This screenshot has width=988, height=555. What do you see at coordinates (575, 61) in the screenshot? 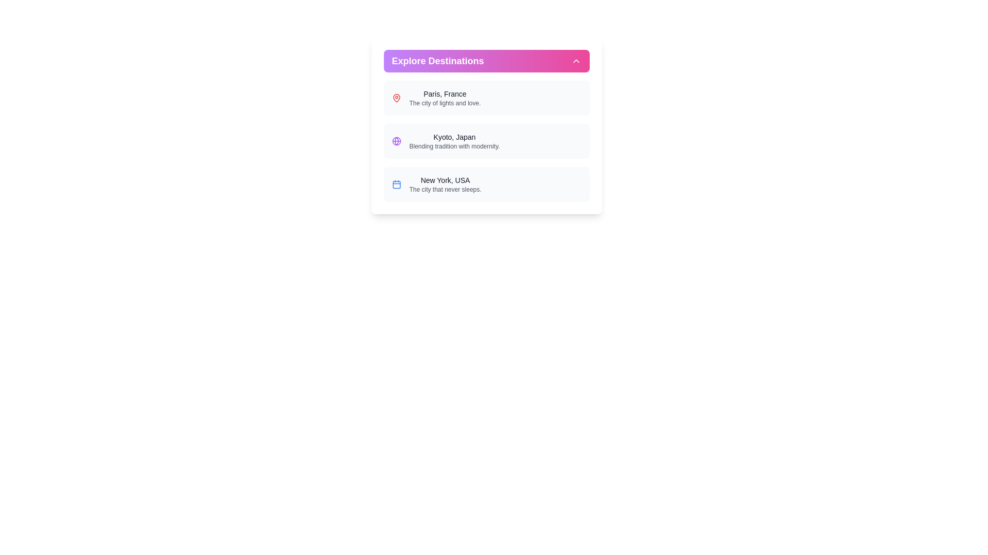
I see `the interactive chevron icon located on the far right side of the 'Explore Destinations' banner` at bounding box center [575, 61].